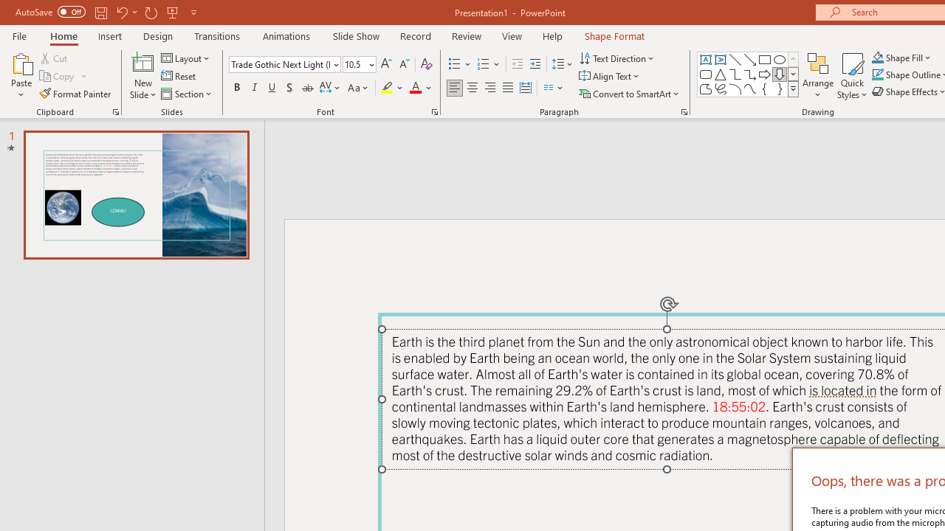  Describe the element at coordinates (508, 88) in the screenshot. I see `'Justify'` at that location.